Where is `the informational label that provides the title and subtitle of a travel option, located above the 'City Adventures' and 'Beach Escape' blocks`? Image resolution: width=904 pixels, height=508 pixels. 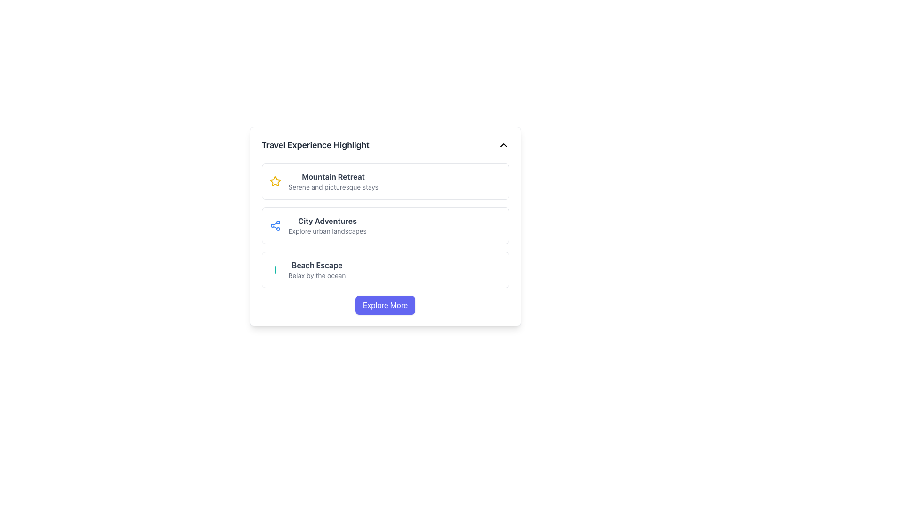 the informational label that provides the title and subtitle of a travel option, located above the 'City Adventures' and 'Beach Escape' blocks is located at coordinates (333, 181).